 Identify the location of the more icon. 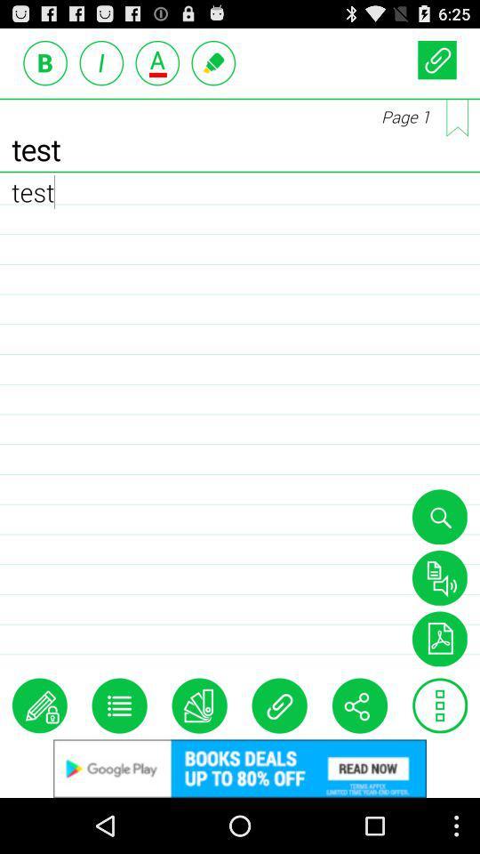
(439, 754).